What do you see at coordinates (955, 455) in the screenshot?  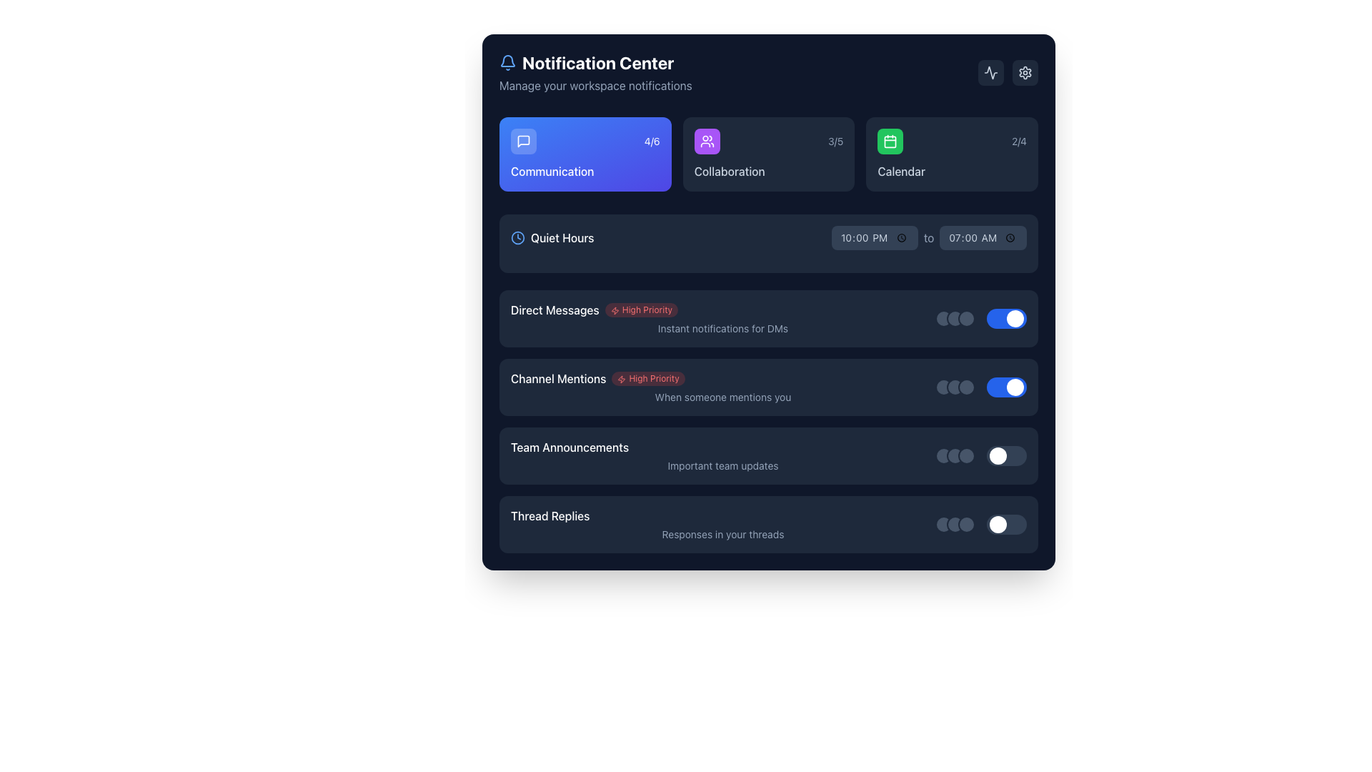 I see `the second circular decorative icon located towards the middle-right of the display for its state representation` at bounding box center [955, 455].